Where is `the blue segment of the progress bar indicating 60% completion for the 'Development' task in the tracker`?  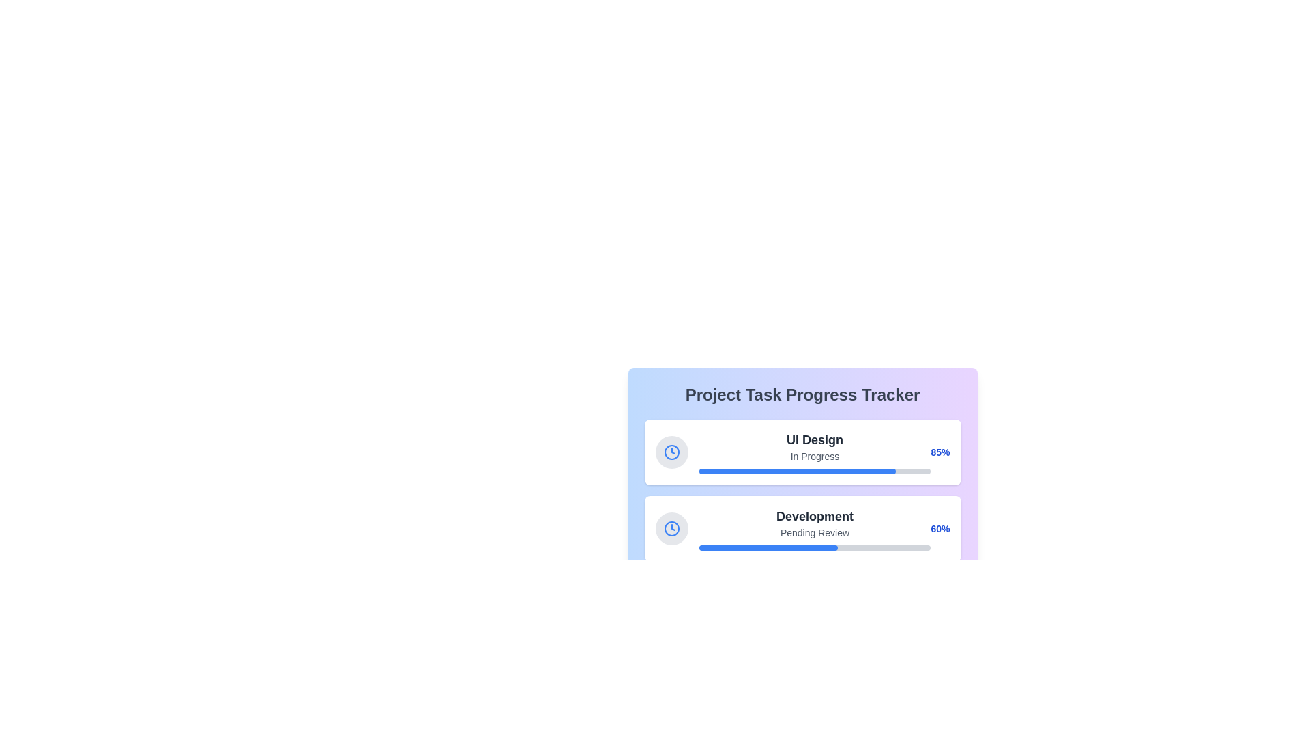 the blue segment of the progress bar indicating 60% completion for the 'Development' task in the tracker is located at coordinates (768, 547).